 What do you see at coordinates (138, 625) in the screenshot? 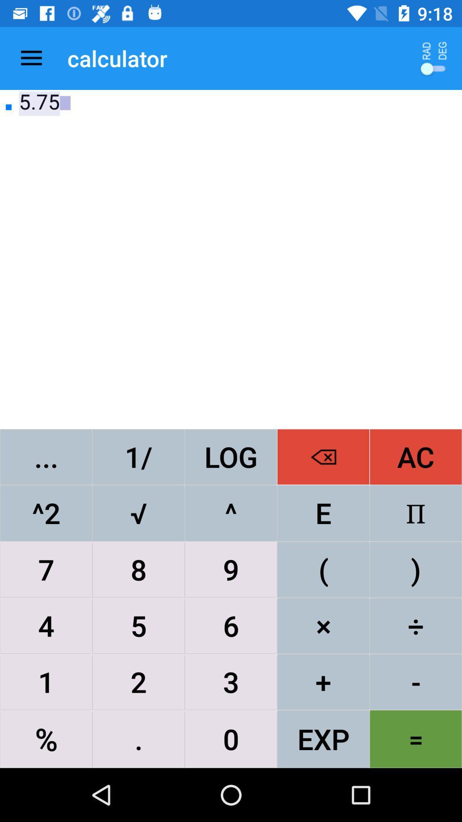
I see `the icon to the left of 9 item` at bounding box center [138, 625].